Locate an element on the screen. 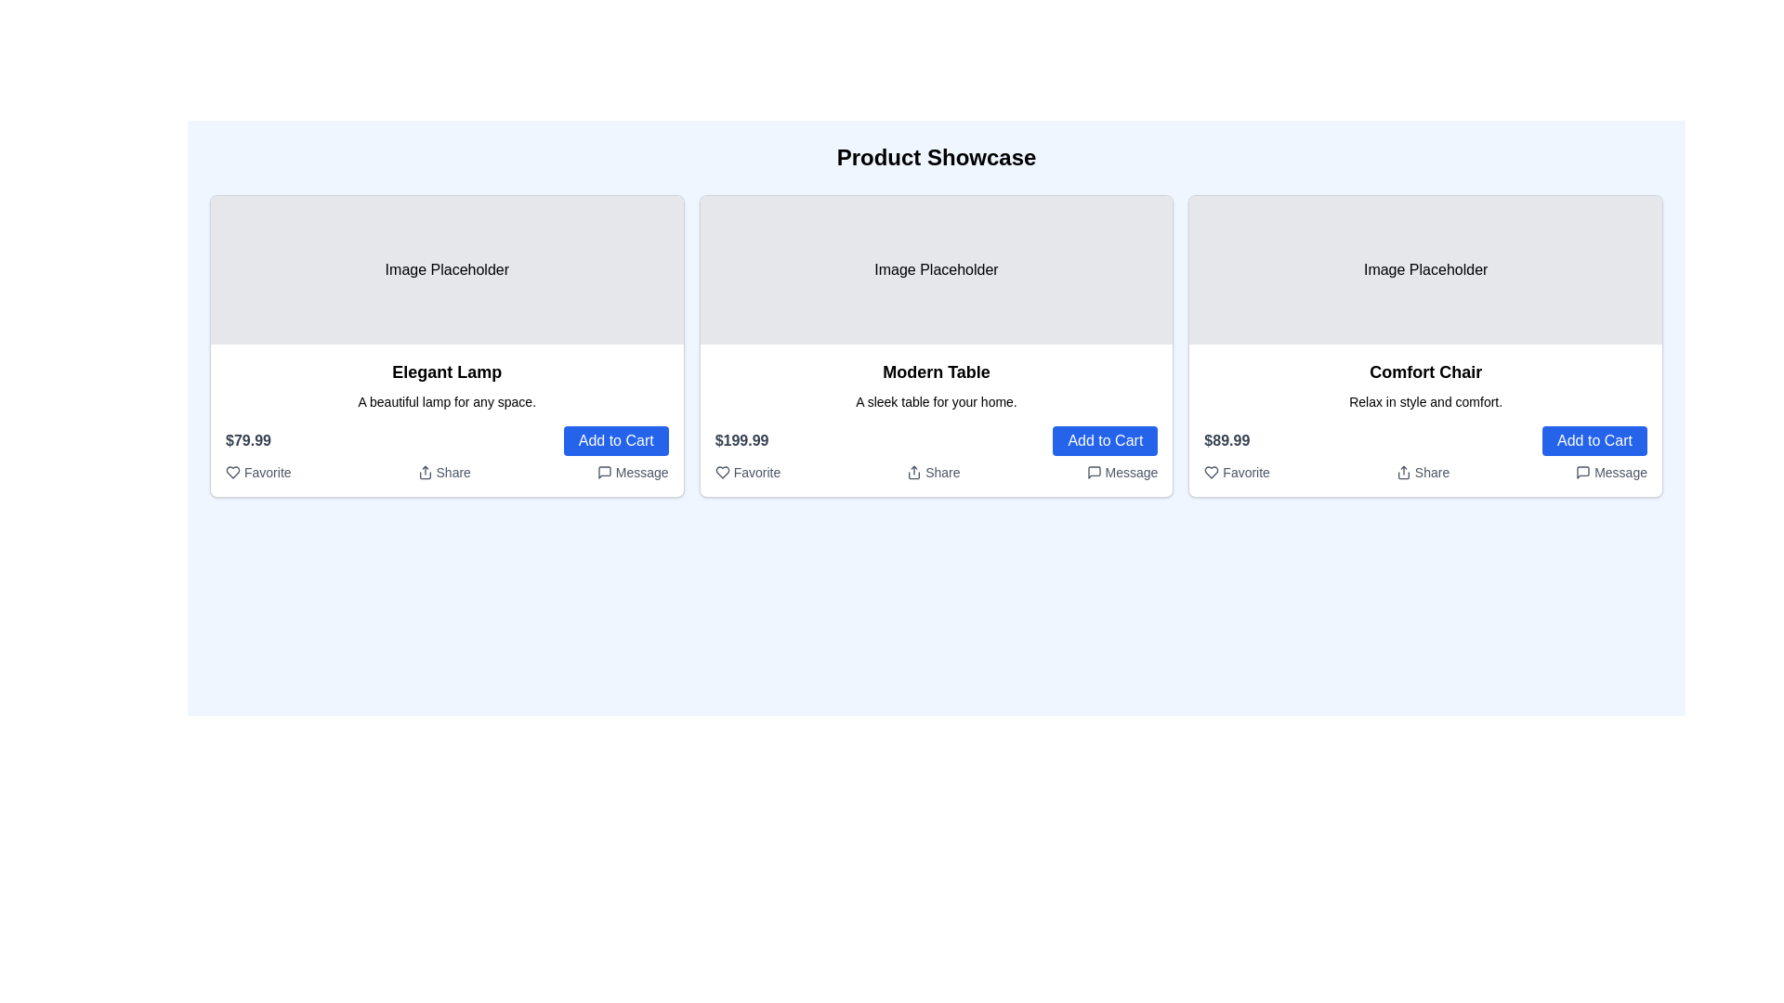  the text label providing a description of the product 'Modern Table' is located at coordinates (937, 400).